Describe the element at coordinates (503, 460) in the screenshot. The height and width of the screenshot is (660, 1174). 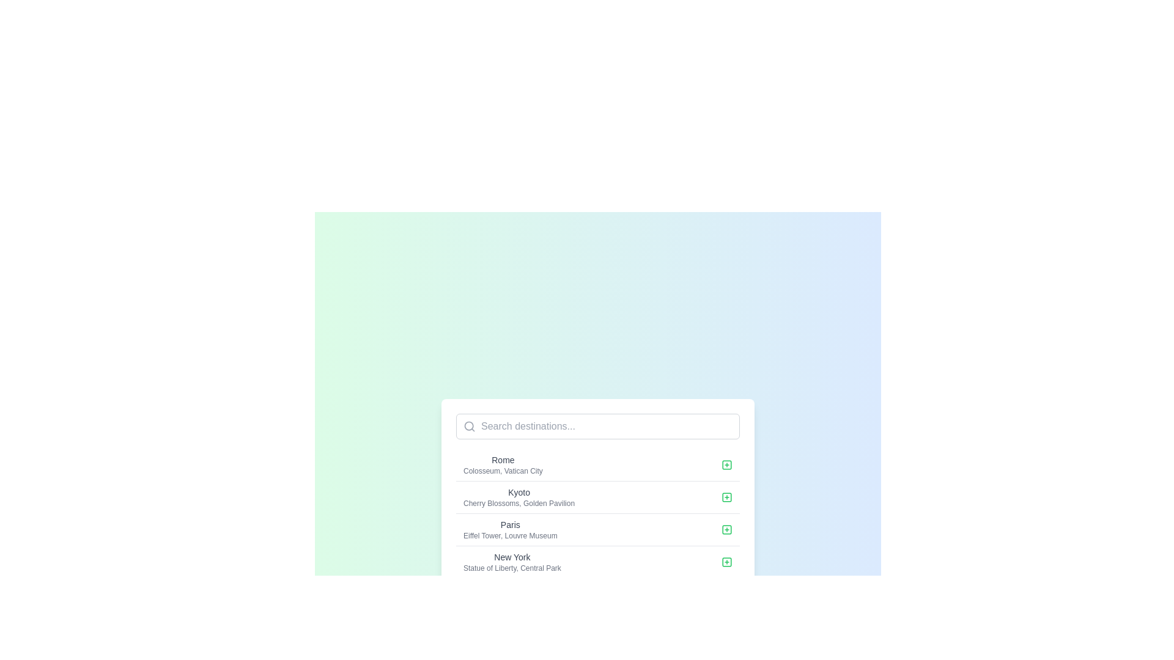
I see `the 'Rome' text label, which is styled with a small-sized font and medium weight, located at the top left part of a card-like list of destinations` at that location.